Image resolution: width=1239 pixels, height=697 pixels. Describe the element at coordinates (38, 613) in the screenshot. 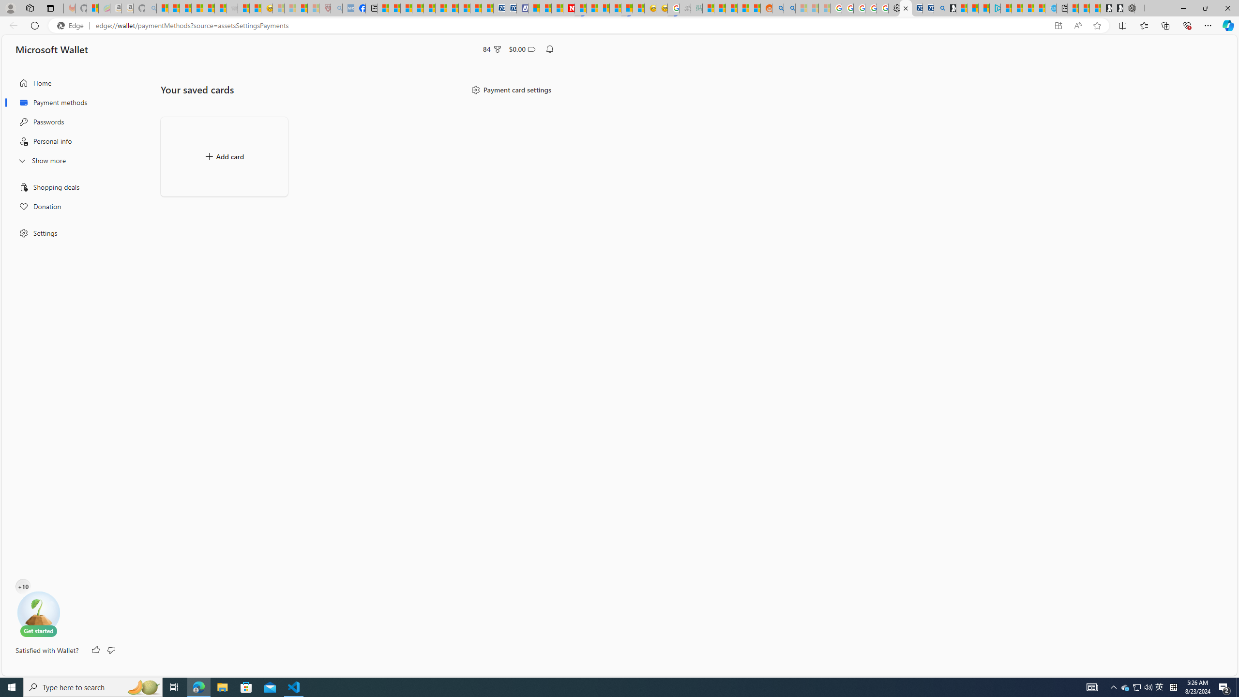

I see `'E-tree'` at that location.